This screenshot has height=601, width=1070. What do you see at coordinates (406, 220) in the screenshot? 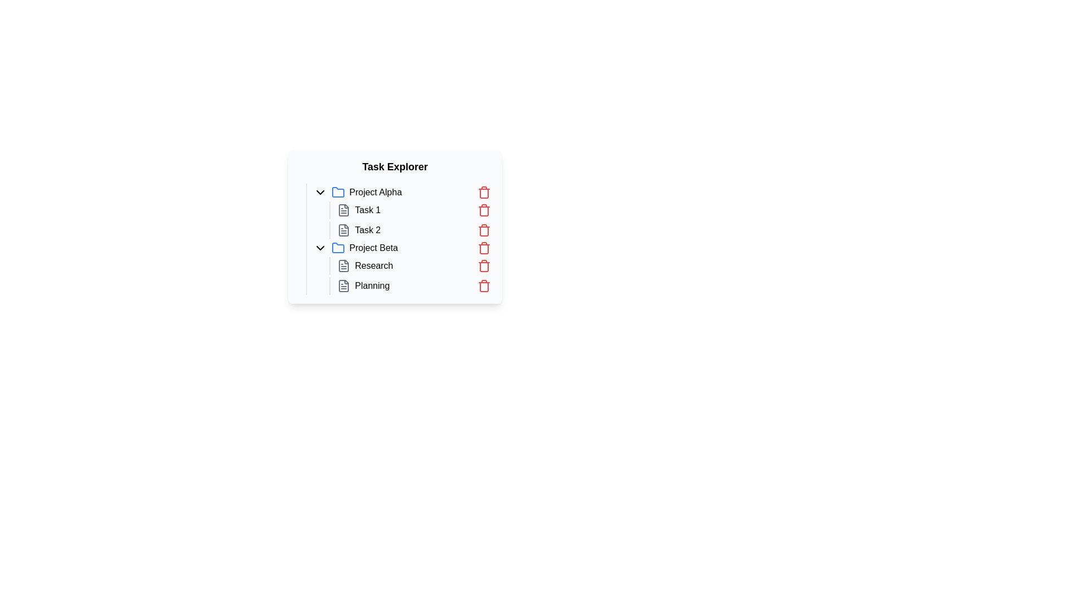
I see `the second item 'Task 2' in the task list layout under 'Project Alpha'` at bounding box center [406, 220].